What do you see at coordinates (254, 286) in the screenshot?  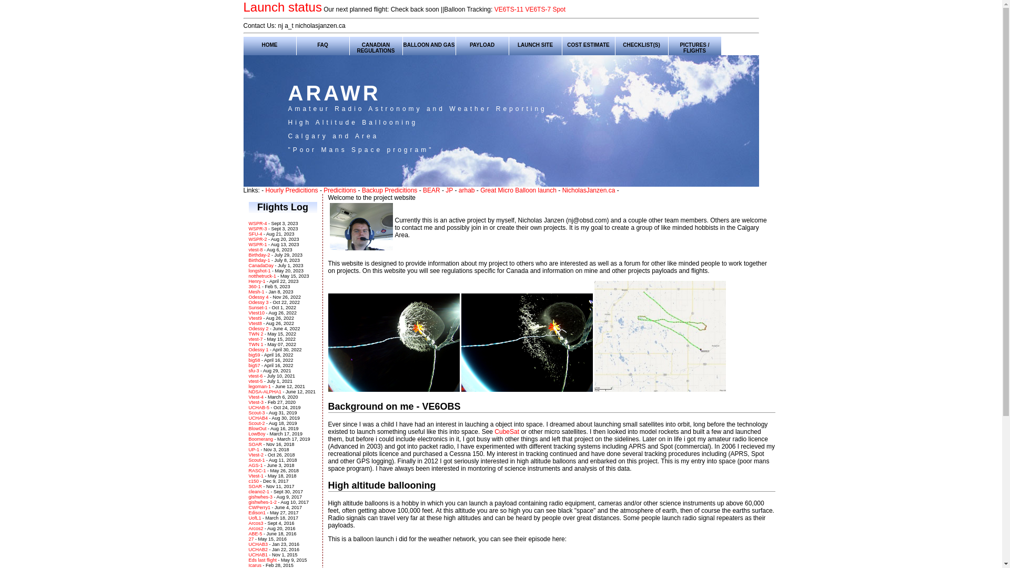 I see `'360-1'` at bounding box center [254, 286].